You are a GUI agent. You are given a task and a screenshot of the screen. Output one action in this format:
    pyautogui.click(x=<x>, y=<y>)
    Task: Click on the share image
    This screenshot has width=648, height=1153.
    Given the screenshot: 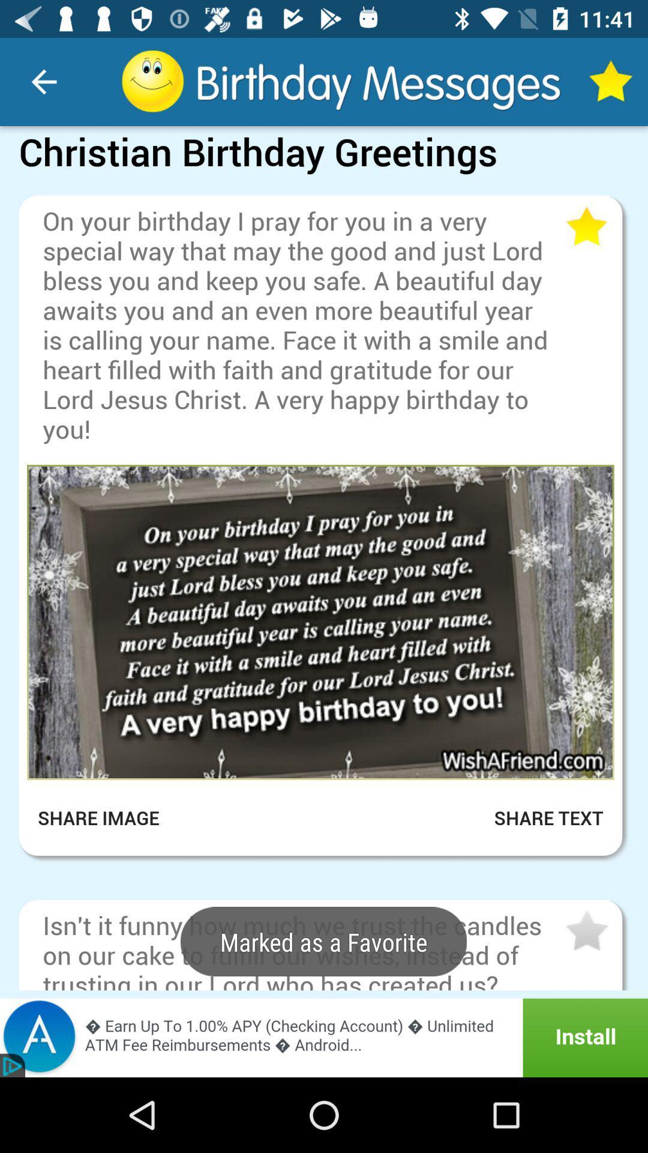 What is the action you would take?
    pyautogui.click(x=106, y=817)
    